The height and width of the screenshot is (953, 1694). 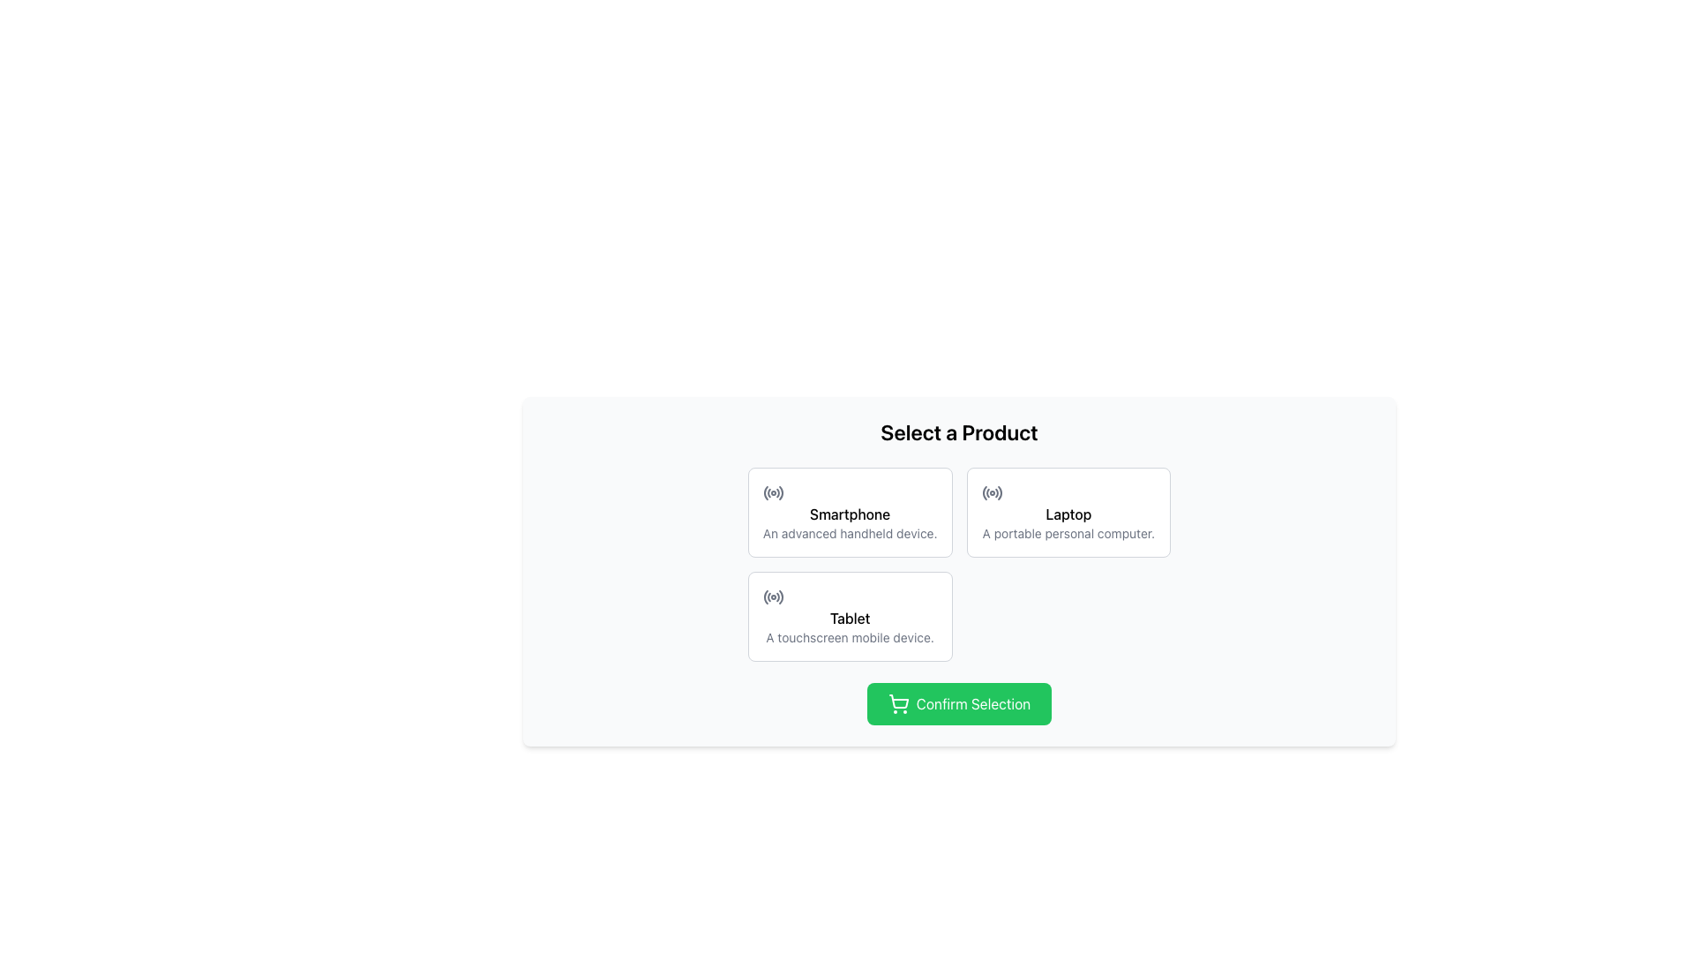 What do you see at coordinates (850, 626) in the screenshot?
I see `the Text label displaying 'Tablet' which is located at the bottom center of the selection group, above the 'Confirm Selection' button` at bounding box center [850, 626].